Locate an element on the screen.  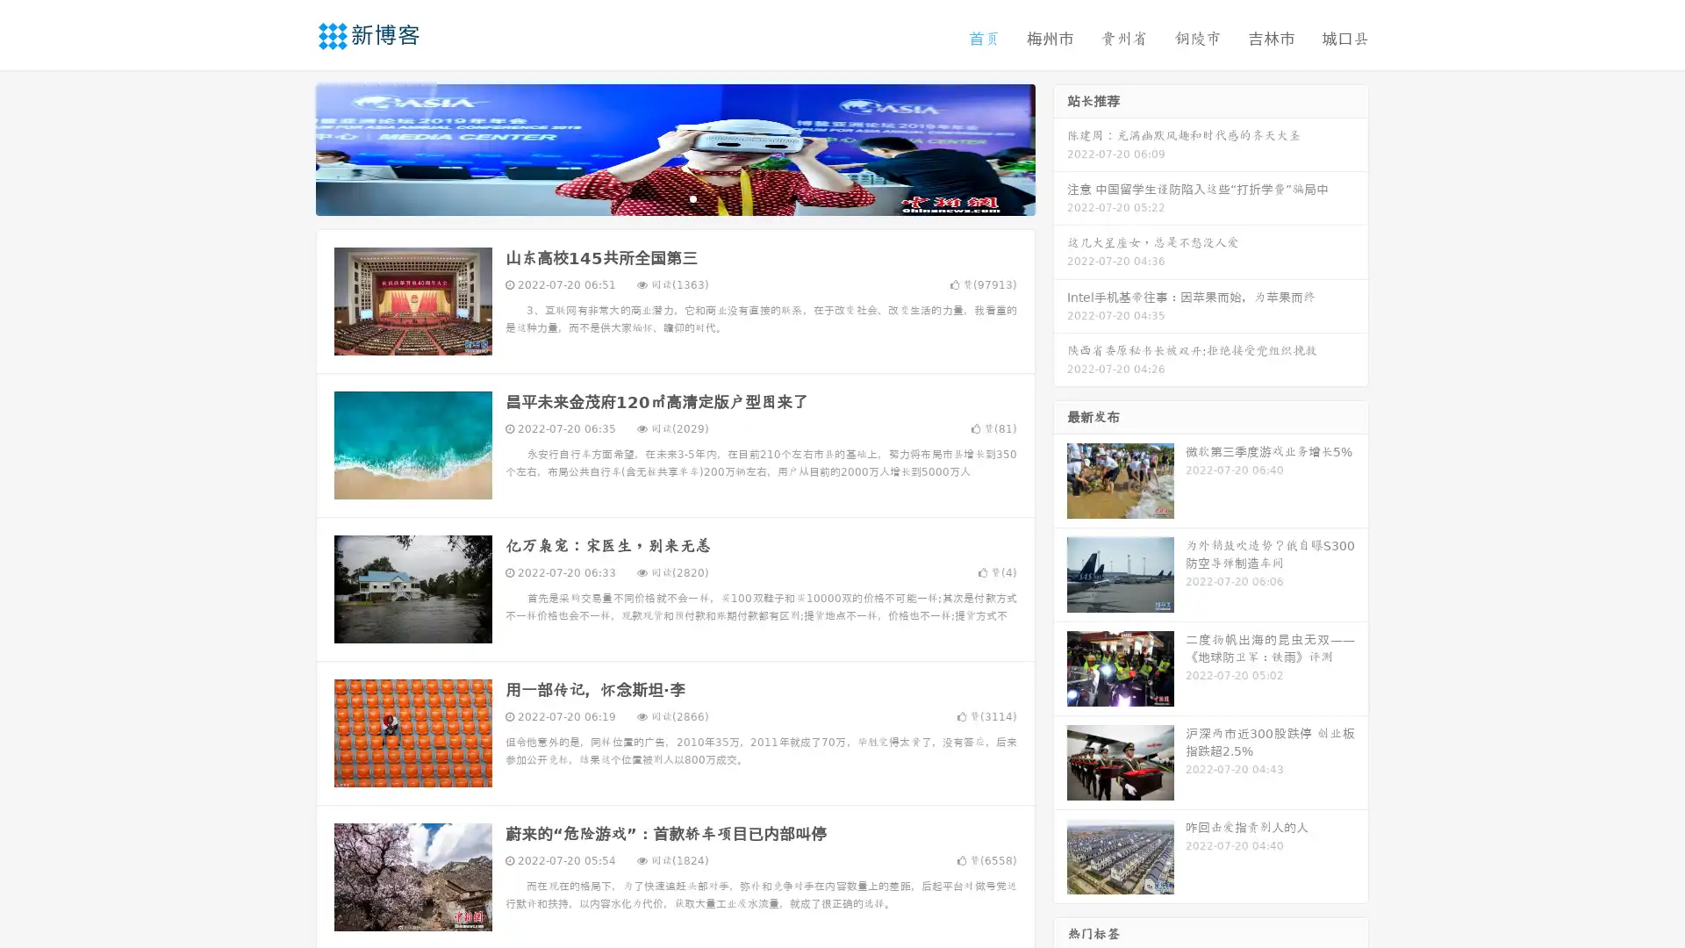
Go to slide 2 is located at coordinates (674, 197).